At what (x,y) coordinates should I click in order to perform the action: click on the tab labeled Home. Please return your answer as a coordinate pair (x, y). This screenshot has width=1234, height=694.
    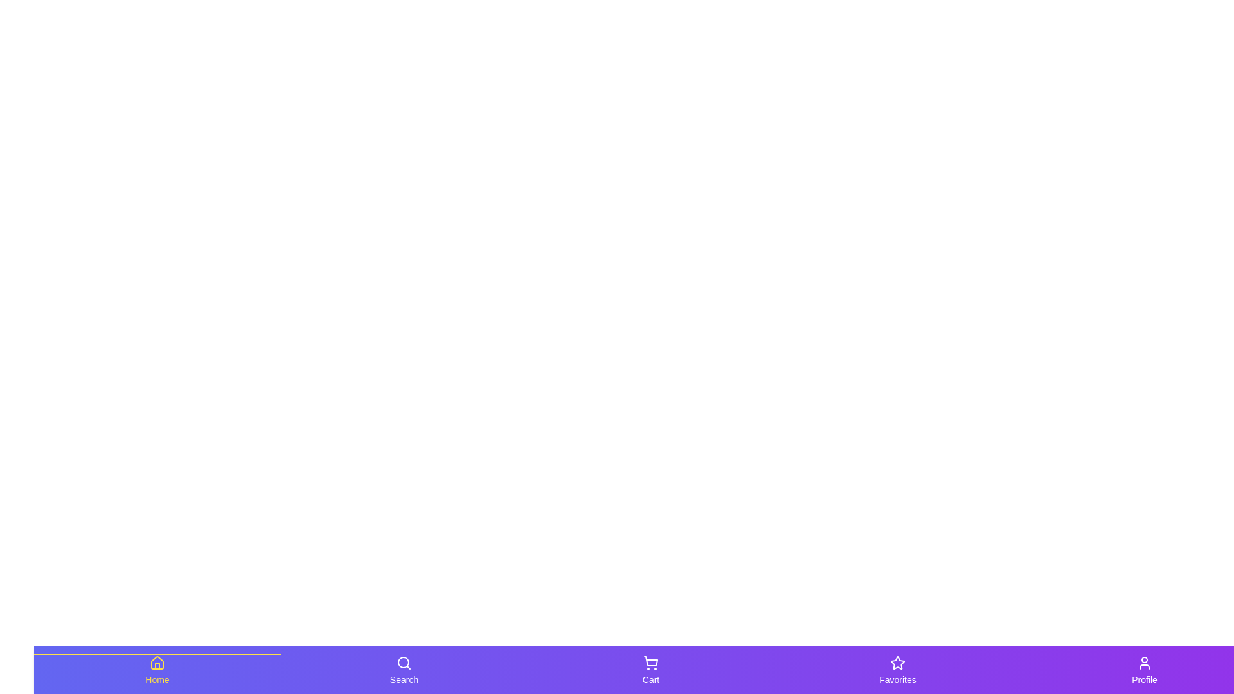
    Looking at the image, I should click on (156, 669).